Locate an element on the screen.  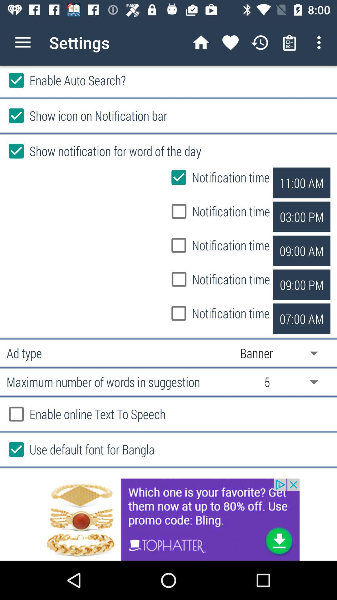
advertisement is located at coordinates (168, 519).